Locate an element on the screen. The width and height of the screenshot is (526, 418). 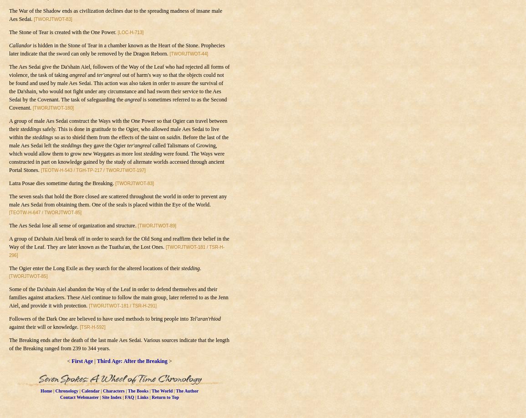
'were found. The Ways were constructed in part on knowledge gained by the study of alternate worlds accessed through ancient Portal Stones.' is located at coordinates (8, 161).